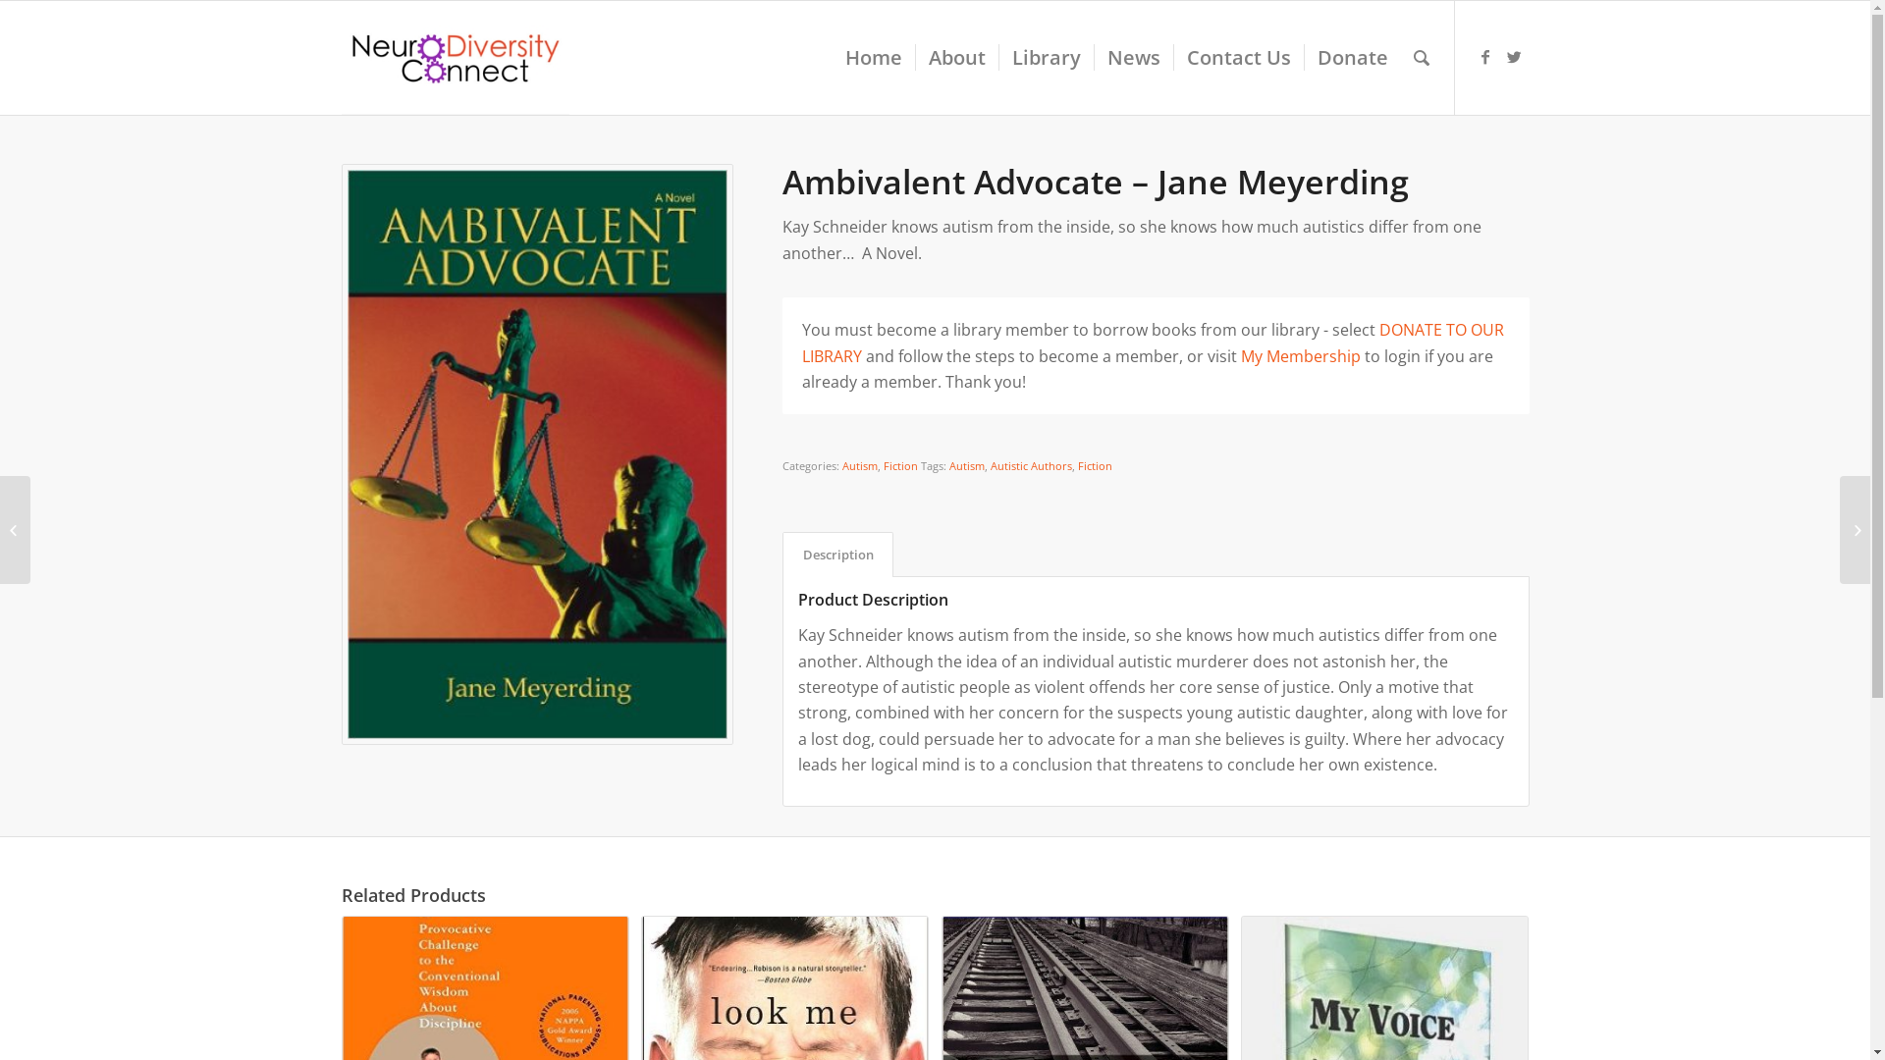  I want to click on 'Autism', so click(860, 465).